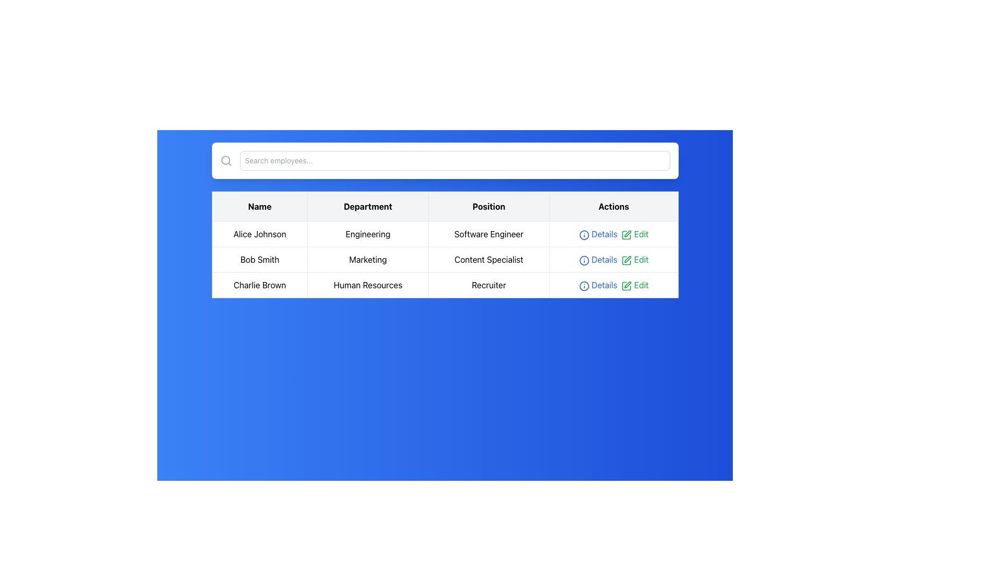 This screenshot has width=1000, height=562. Describe the element at coordinates (488, 285) in the screenshot. I see `the static text label displaying 'Recruiter' located in the third row and third column of the table` at that location.